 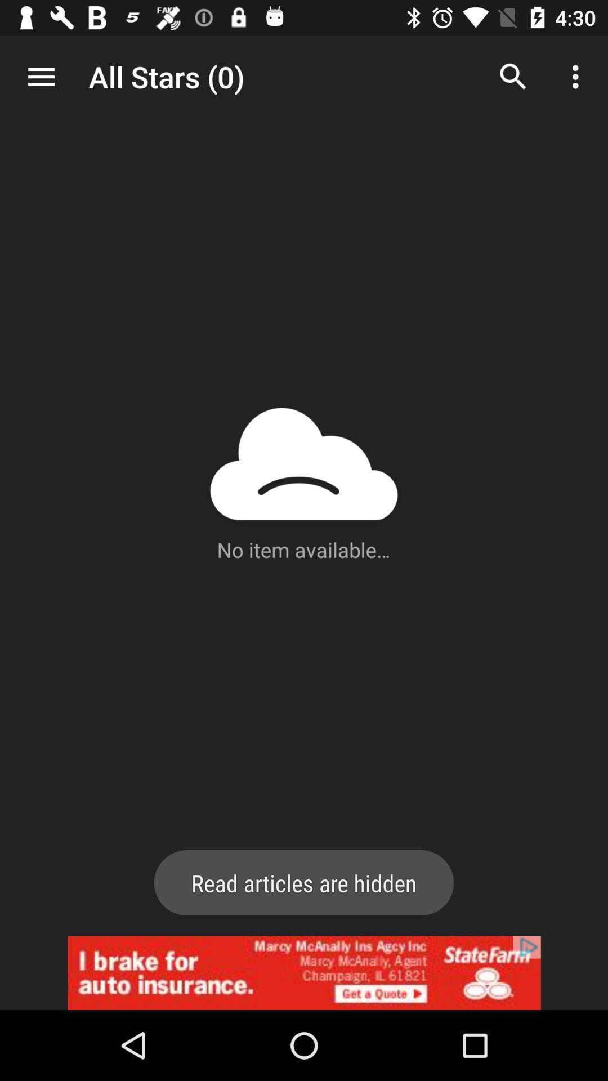 What do you see at coordinates (304, 972) in the screenshot?
I see `advertisement banner` at bounding box center [304, 972].